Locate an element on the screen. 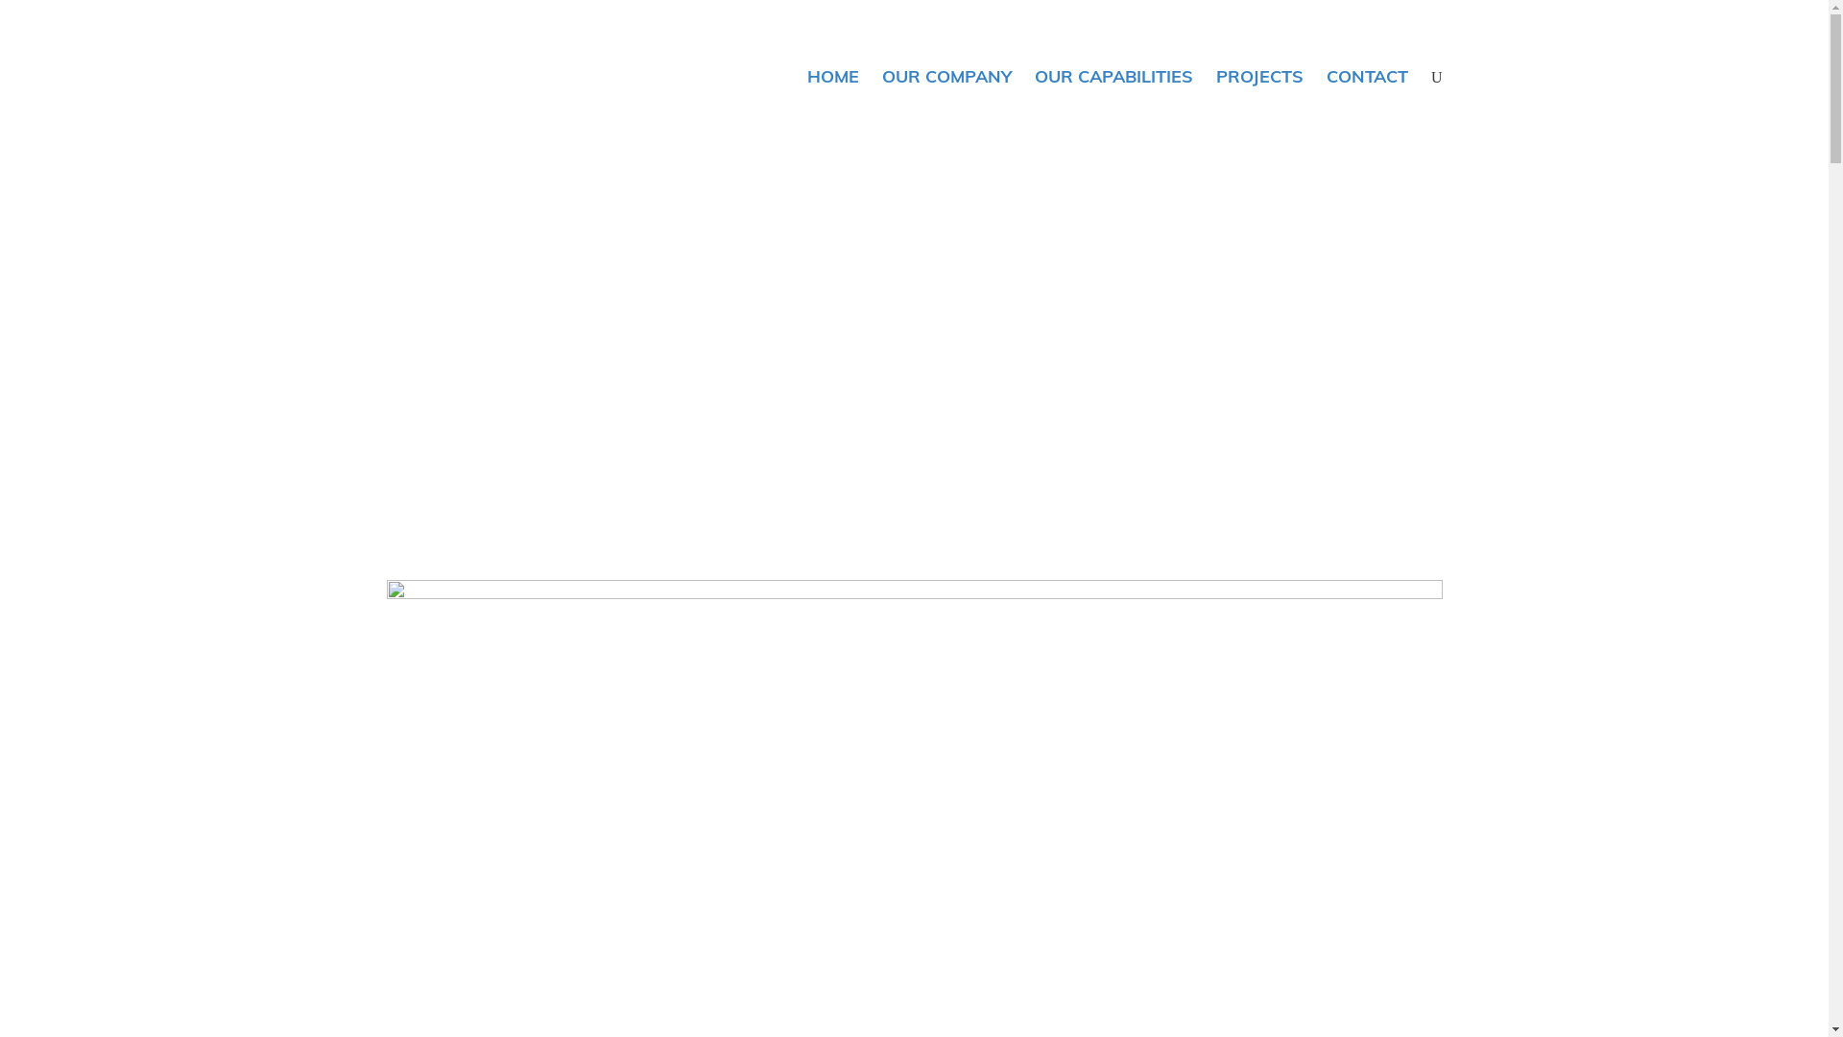 The width and height of the screenshot is (1843, 1037). 'CONTACT' is located at coordinates (1313, 76).